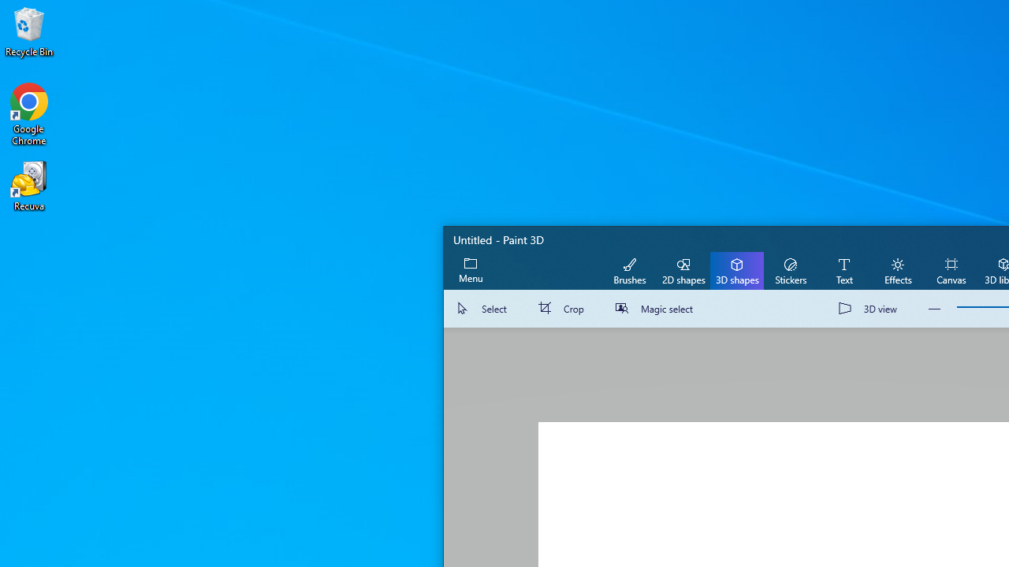  I want to click on 'Canvas', so click(951, 269).